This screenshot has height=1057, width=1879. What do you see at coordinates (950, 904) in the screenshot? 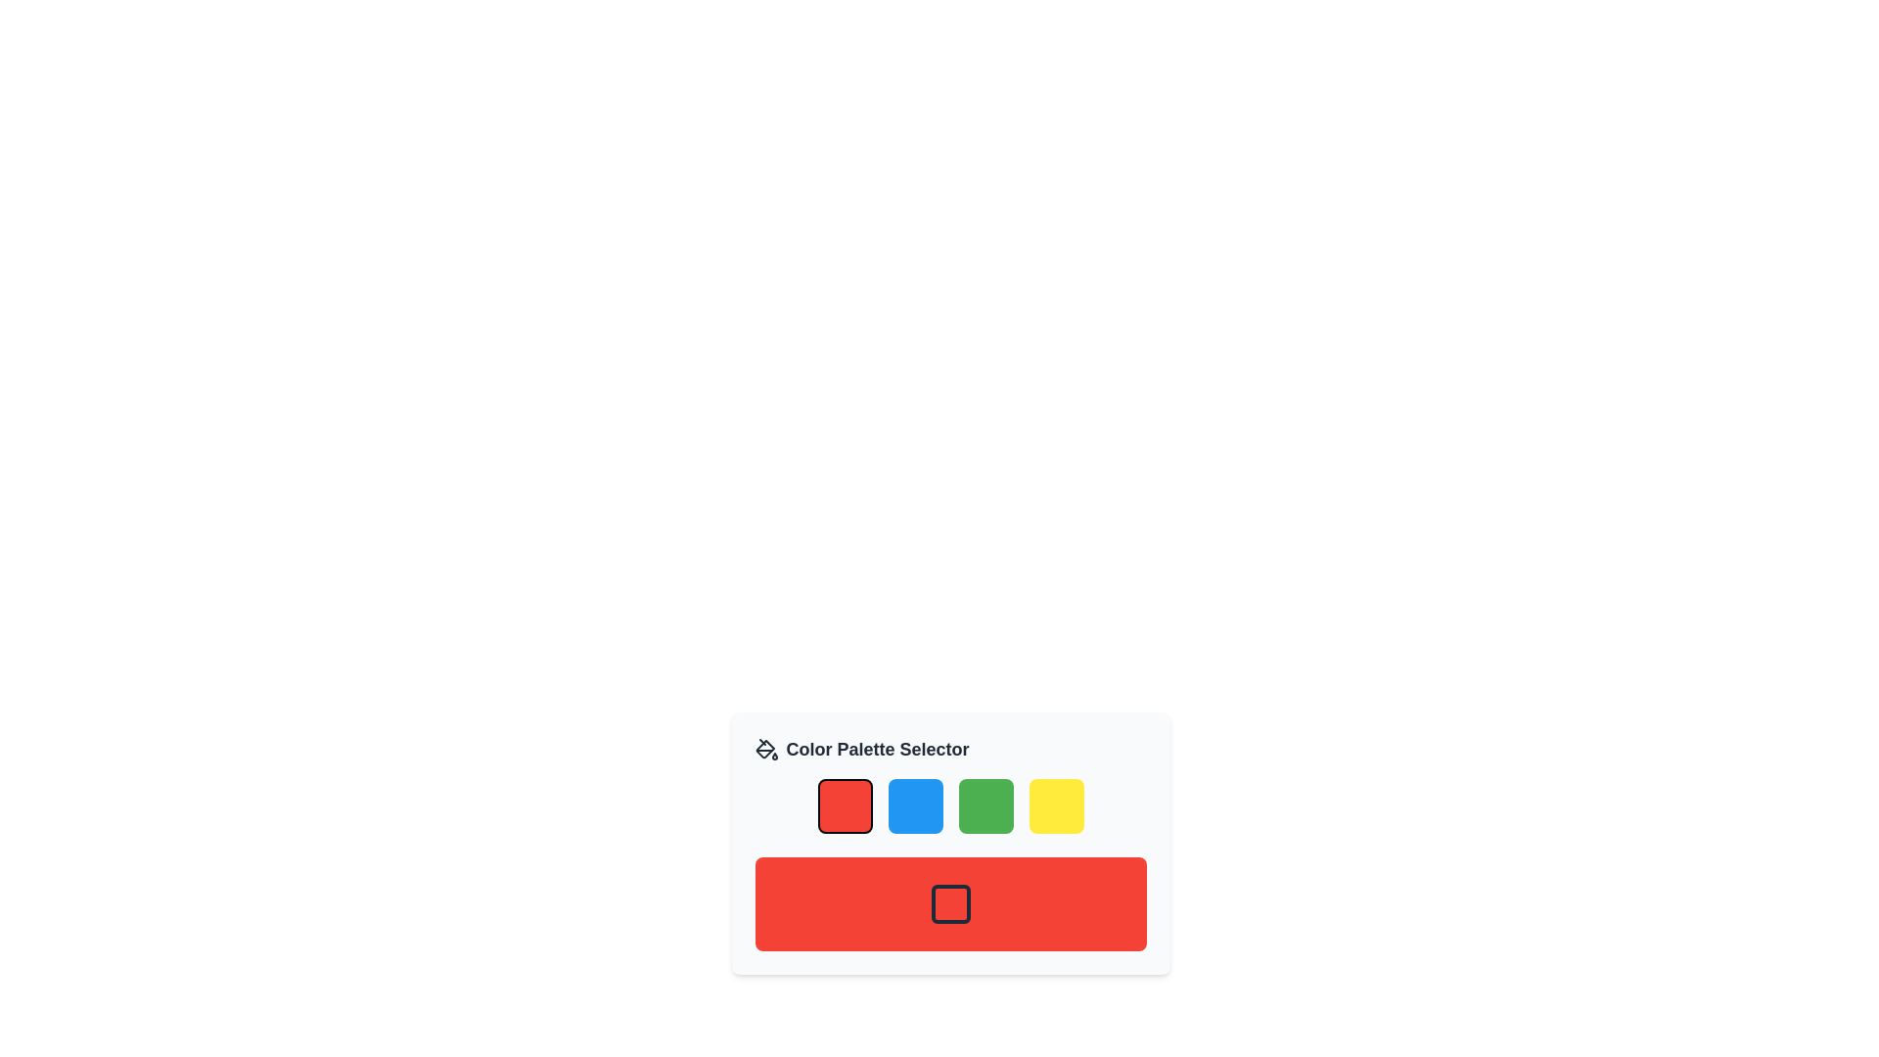
I see `the square icon that is visually related to the red color palette, located in the middle of the red rectangular section below a row of colored buttons` at bounding box center [950, 904].